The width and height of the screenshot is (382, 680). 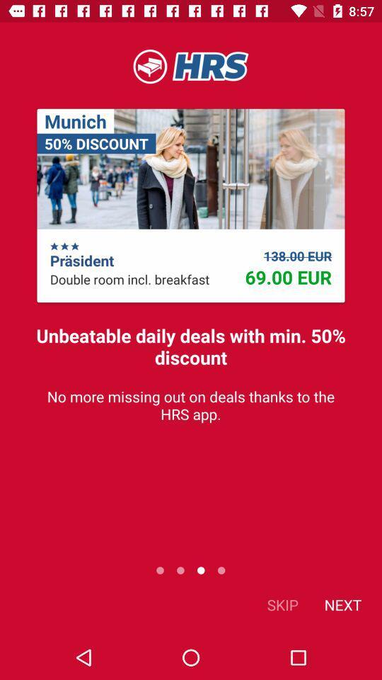 I want to click on item below no more missing, so click(x=342, y=603).